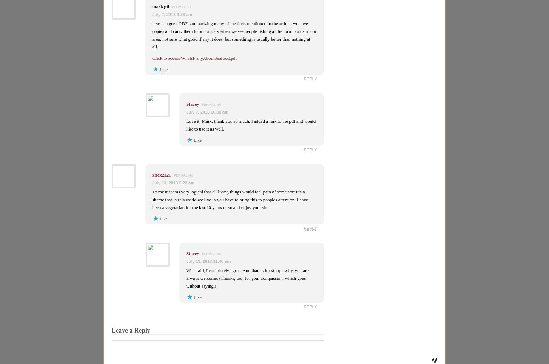  I want to click on 'xbox2121', so click(152, 175).